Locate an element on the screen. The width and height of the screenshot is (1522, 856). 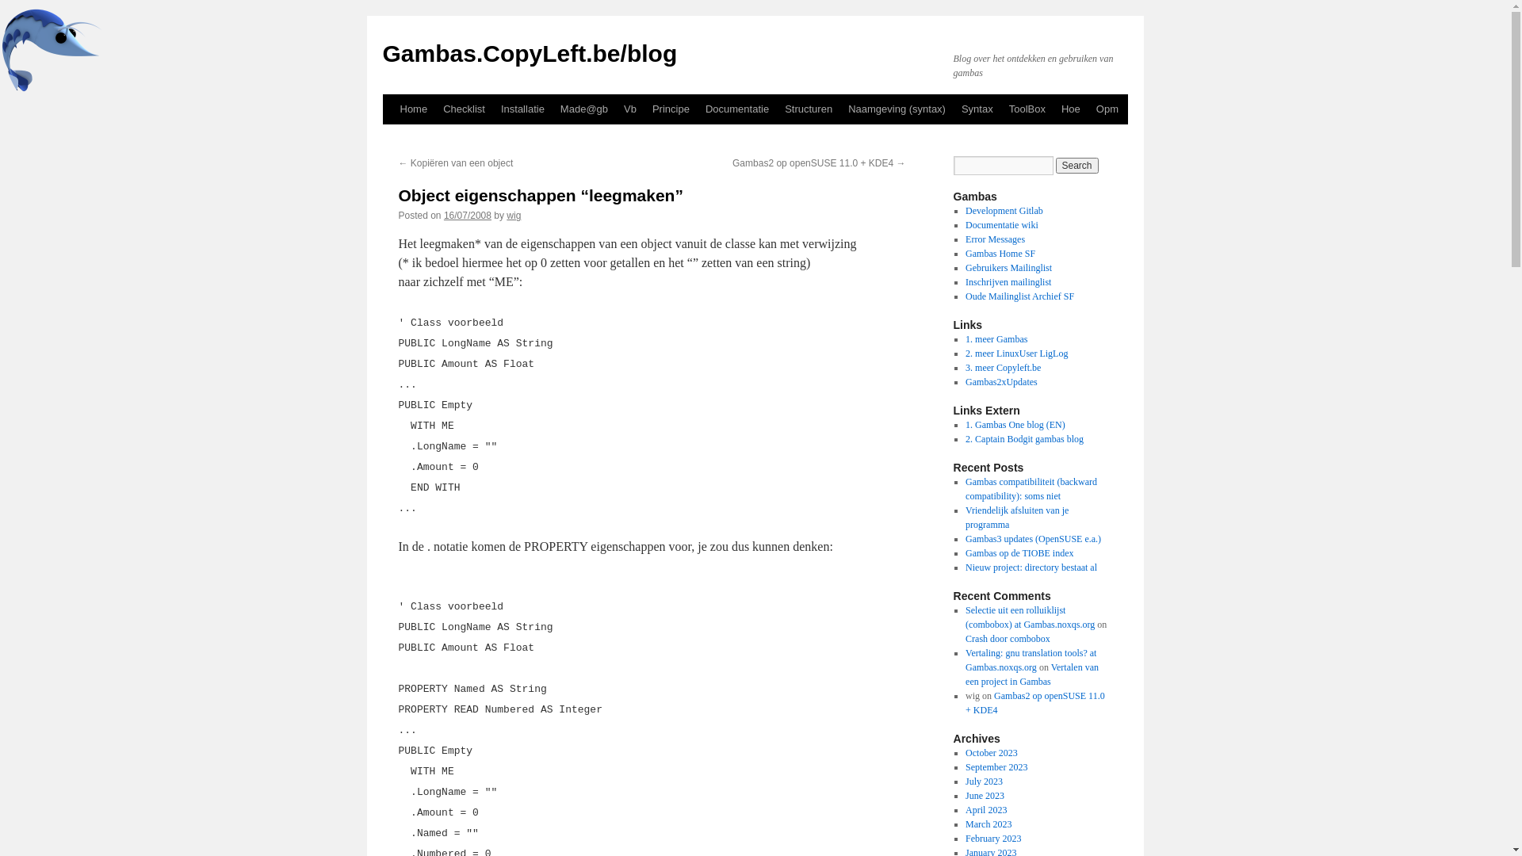
'Documentatie' is located at coordinates (736, 109).